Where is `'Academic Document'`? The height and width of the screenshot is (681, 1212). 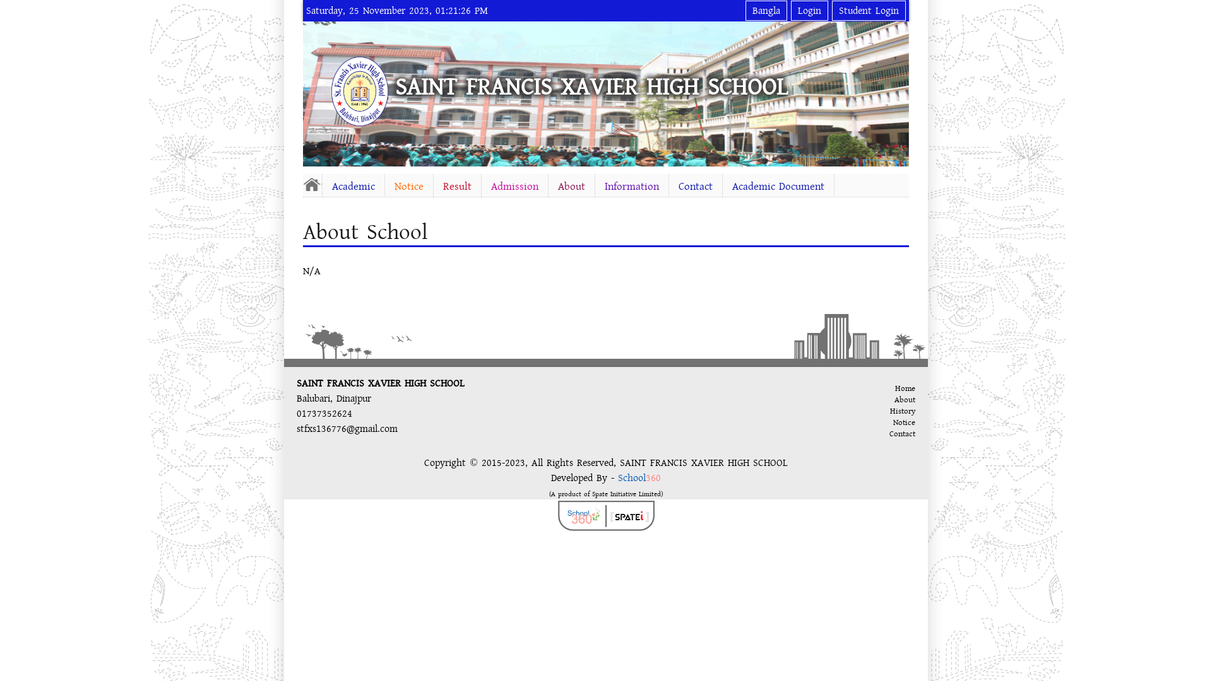
'Academic Document' is located at coordinates (778, 187).